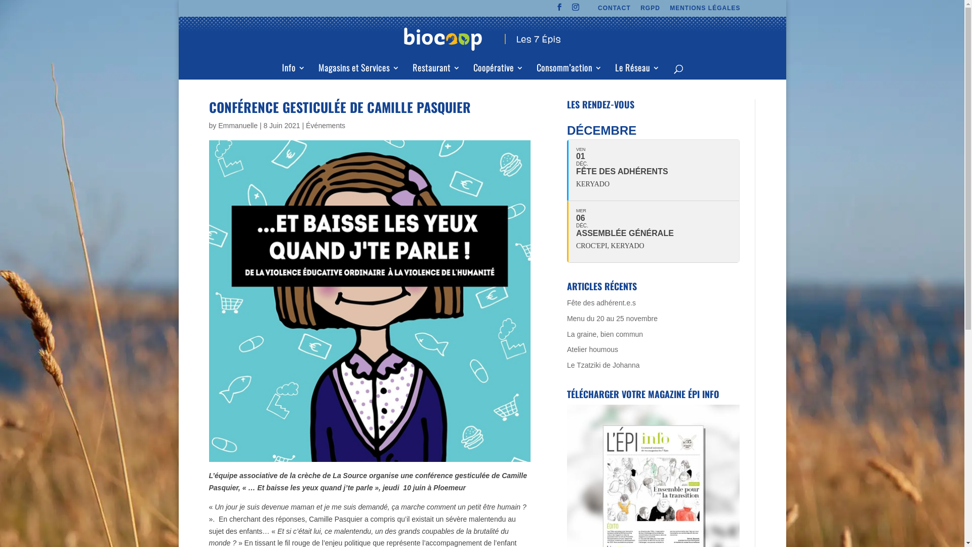 This screenshot has width=972, height=547. I want to click on 'Lien Facebook alt=', so click(559, 10).